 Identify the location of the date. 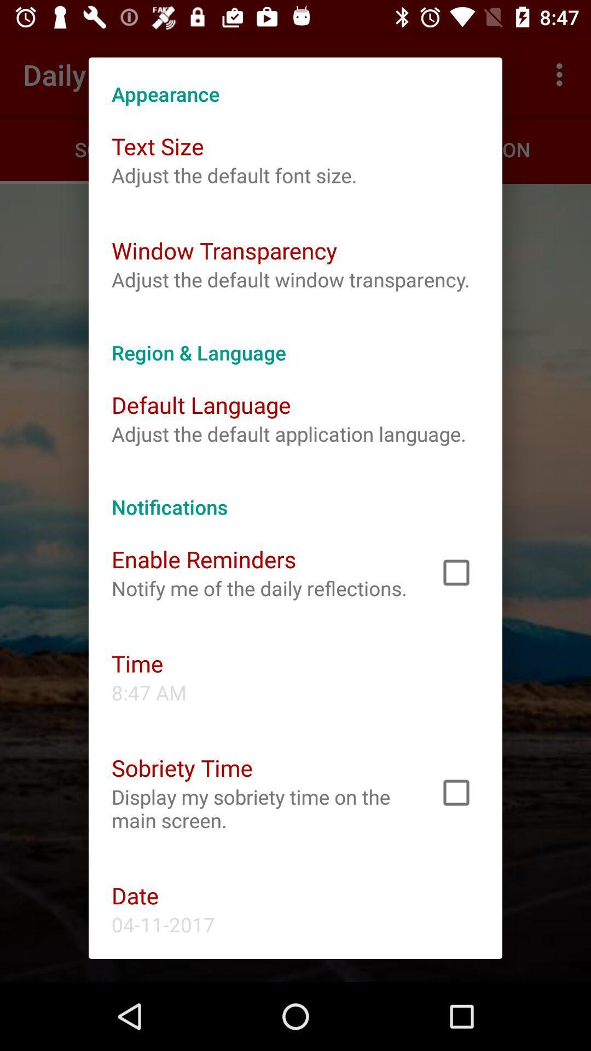
(135, 895).